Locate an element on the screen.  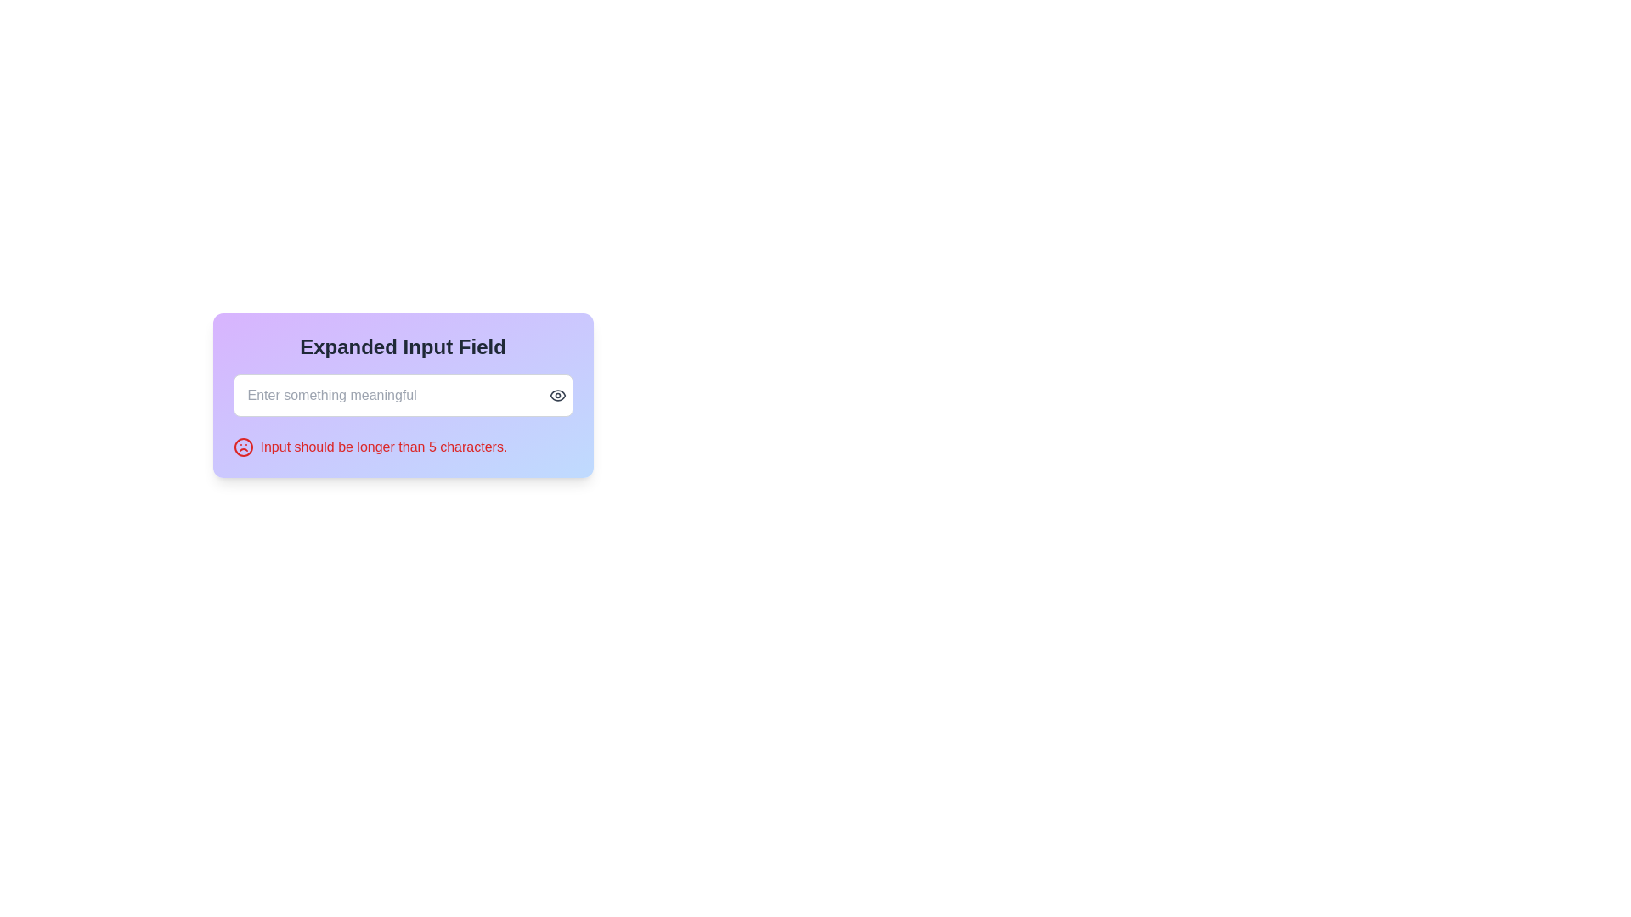
the text heading that serves as a title for the input section, which is centrally aligned within a rounded box with a gradient background is located at coordinates (402, 346).